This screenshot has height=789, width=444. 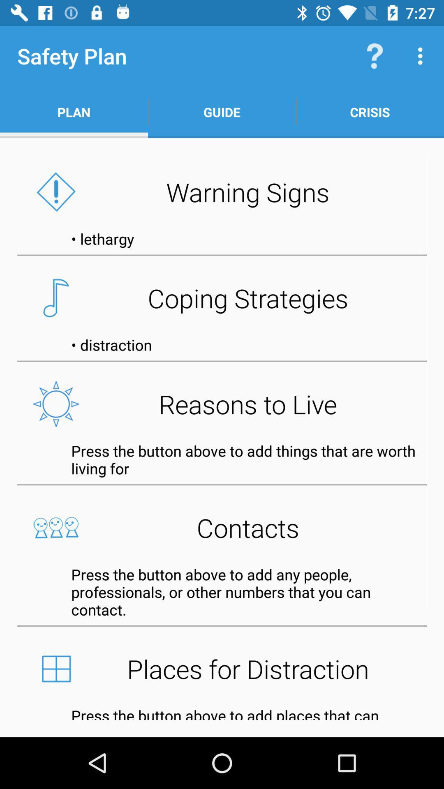 I want to click on guide app, so click(x=222, y=112).